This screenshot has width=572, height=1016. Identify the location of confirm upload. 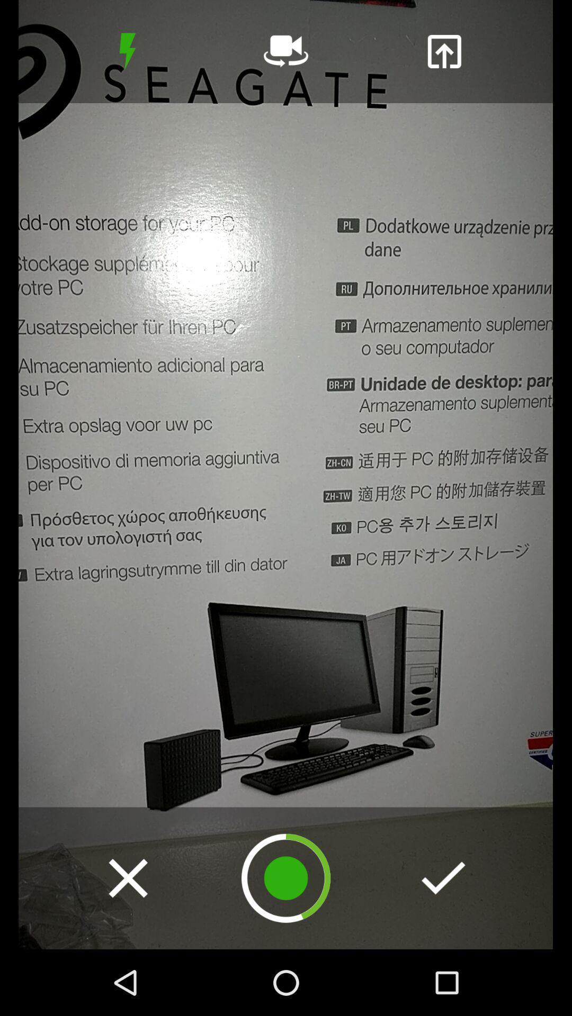
(443, 878).